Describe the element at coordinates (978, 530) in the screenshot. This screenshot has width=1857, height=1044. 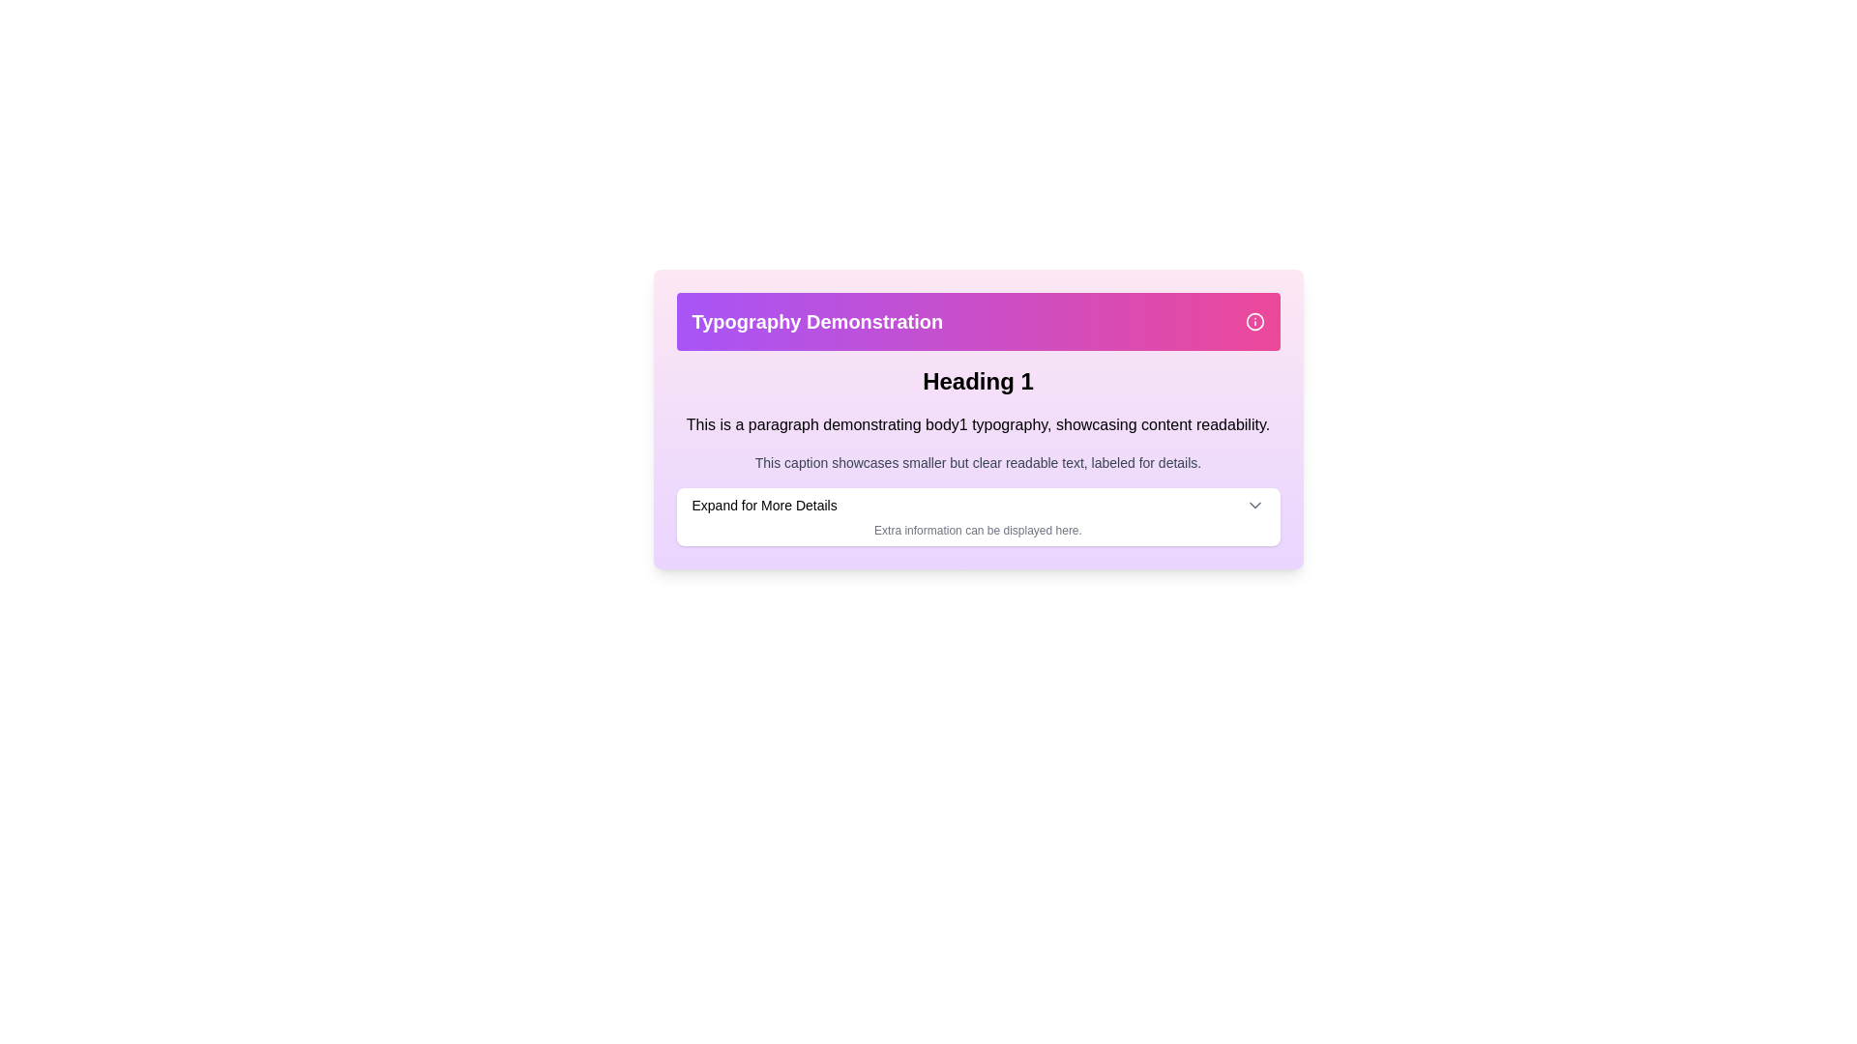
I see `the Text Label that reads 'Extra information can be displayed here.', which is positioned below the 'Expand for More Details.' dropdown button` at that location.